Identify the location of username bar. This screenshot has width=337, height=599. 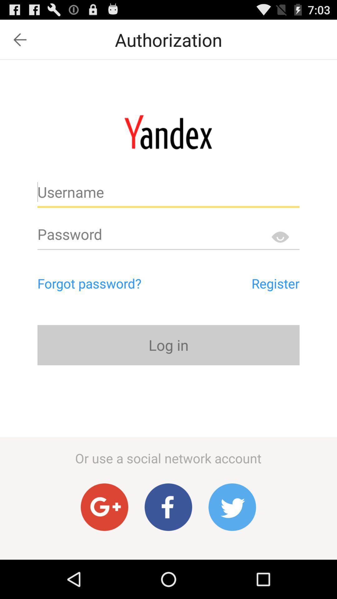
(168, 194).